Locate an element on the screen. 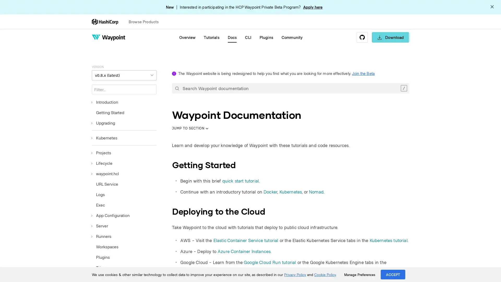  Kubernetes is located at coordinates (104, 138).